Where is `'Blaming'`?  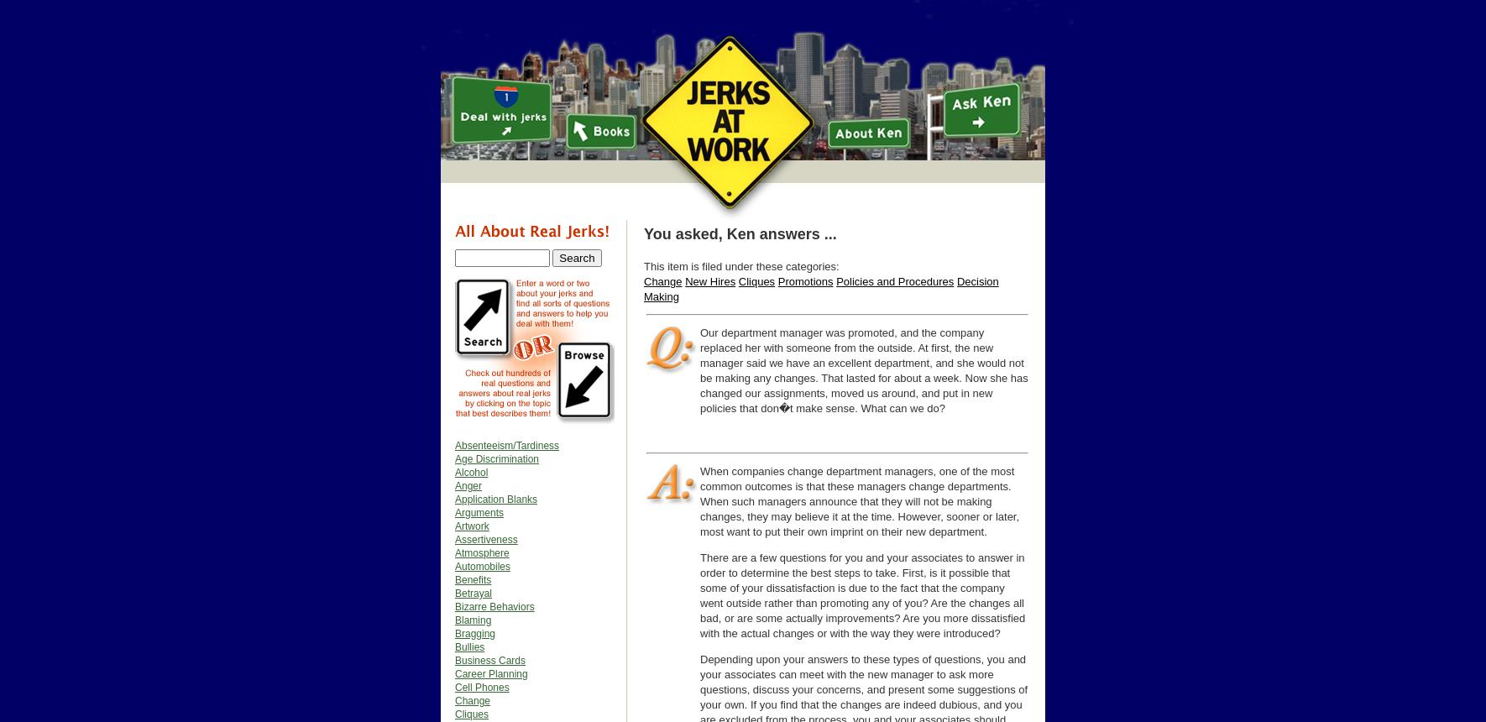 'Blaming' is located at coordinates (473, 619).